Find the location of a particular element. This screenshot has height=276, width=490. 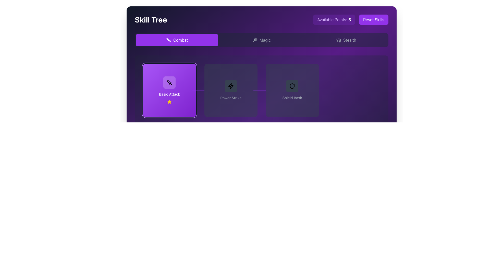

the small footprint icon next to the 'stealth' label is located at coordinates (338, 40).